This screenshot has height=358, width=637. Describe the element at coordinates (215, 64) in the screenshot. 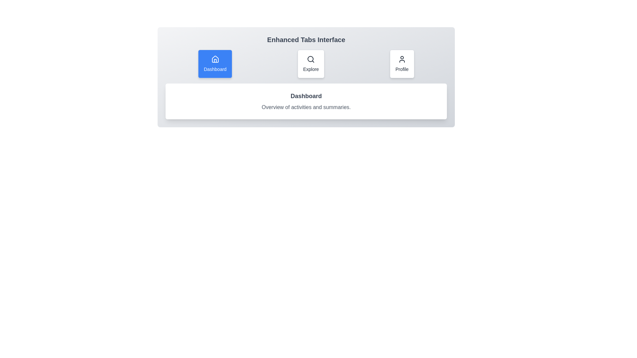

I see `the Dashboard tab by clicking the corresponding button` at that location.